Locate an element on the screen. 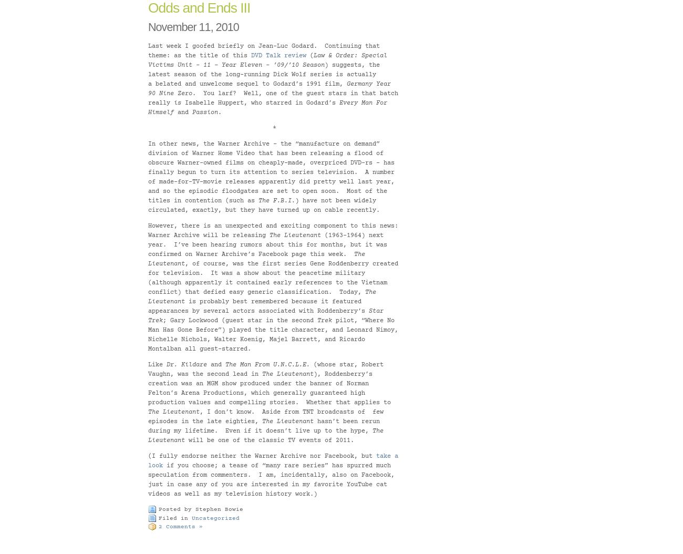  'Trek' is located at coordinates (325, 320).